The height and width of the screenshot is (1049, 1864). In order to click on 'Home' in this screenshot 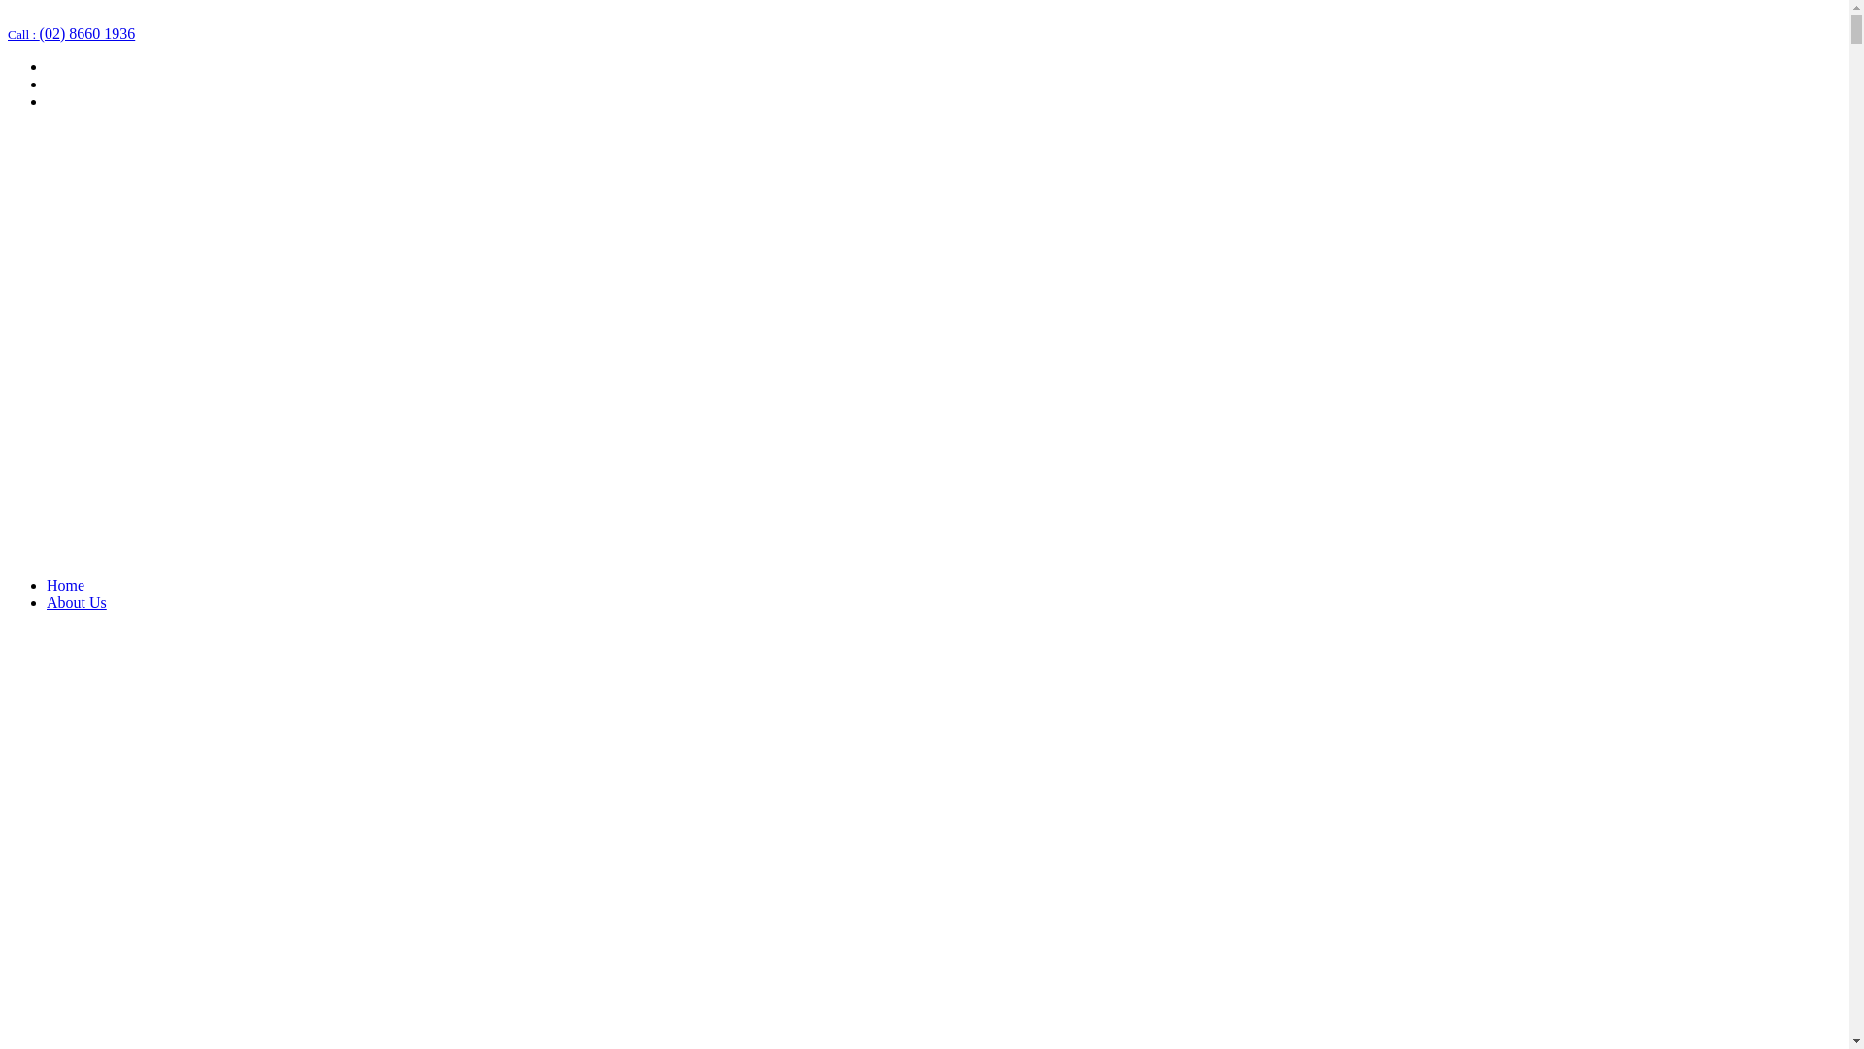, I will do `click(47, 584)`.